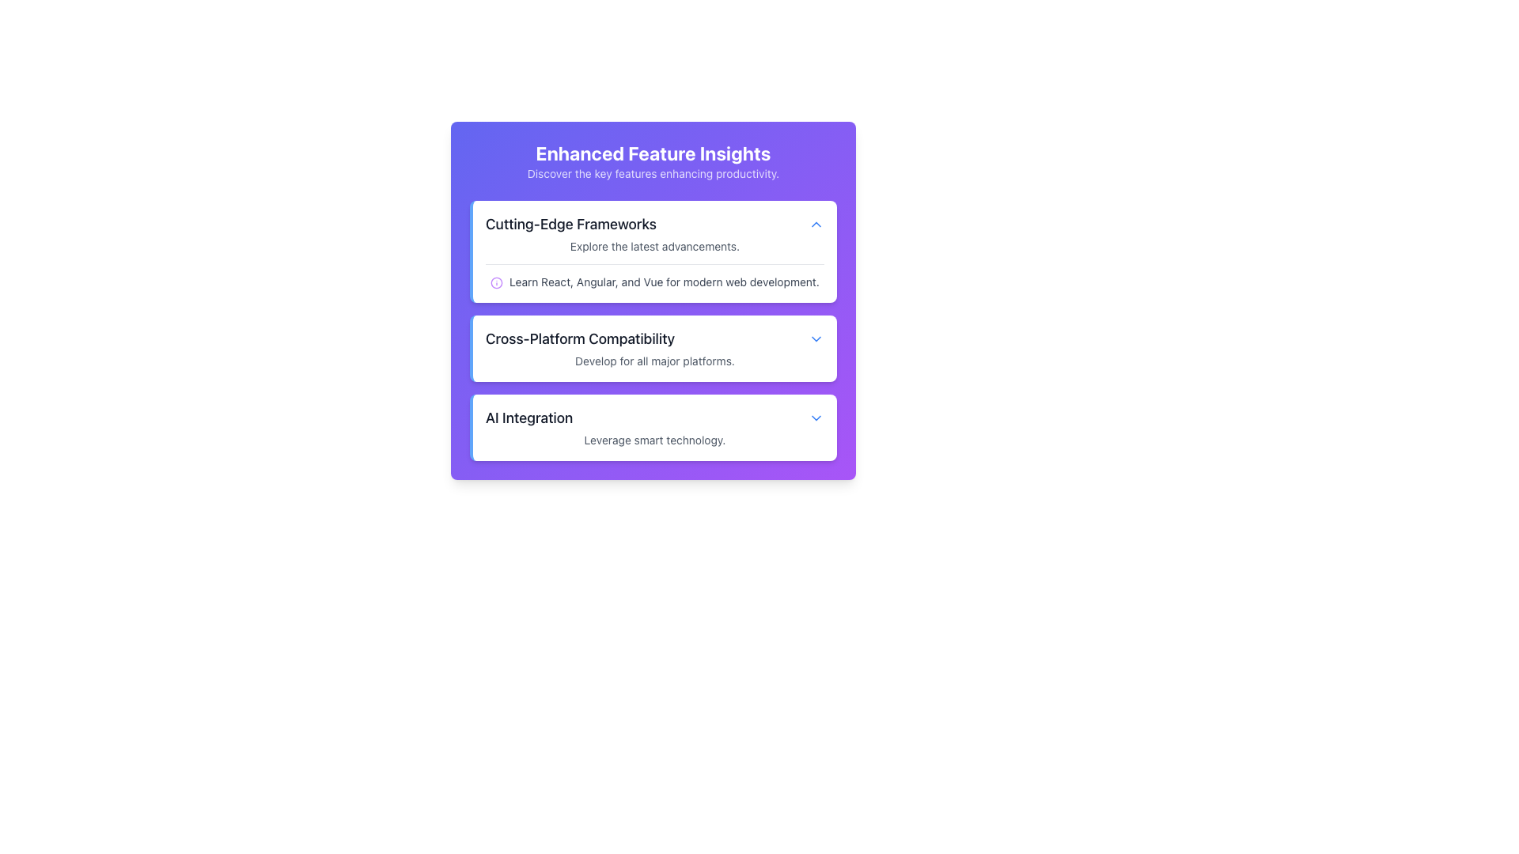  What do you see at coordinates (529, 417) in the screenshot?
I see `the Text Label that summarizes the AI integration feature, located beneath the 'Cross-Platform Compatibility' section and aligned with the chevron icon` at bounding box center [529, 417].